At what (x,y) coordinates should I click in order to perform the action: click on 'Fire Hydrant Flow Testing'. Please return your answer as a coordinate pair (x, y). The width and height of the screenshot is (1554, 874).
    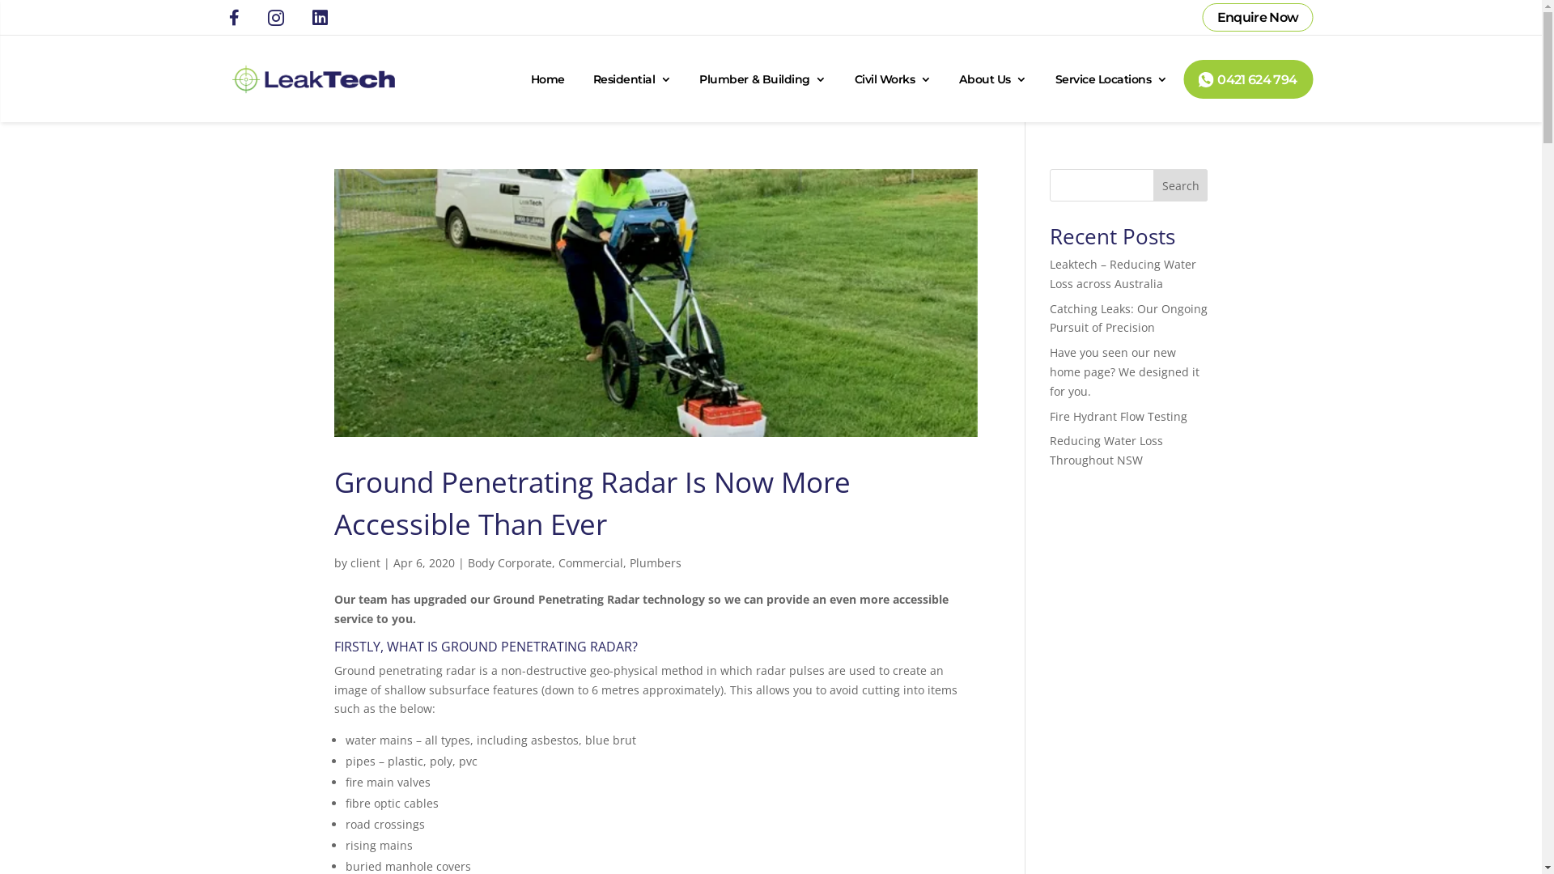
    Looking at the image, I should click on (1049, 415).